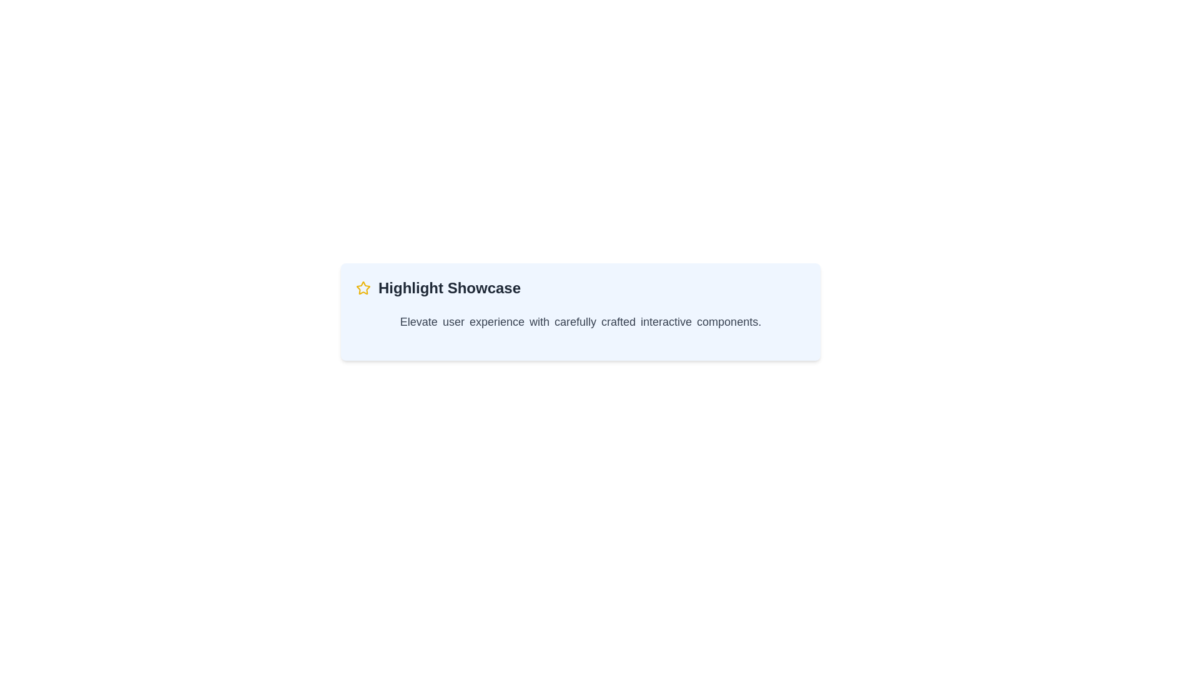  What do you see at coordinates (618, 321) in the screenshot?
I see `the text element displaying 'crafted', which is the sixth word in a sentence and changes background to green on hover` at bounding box center [618, 321].